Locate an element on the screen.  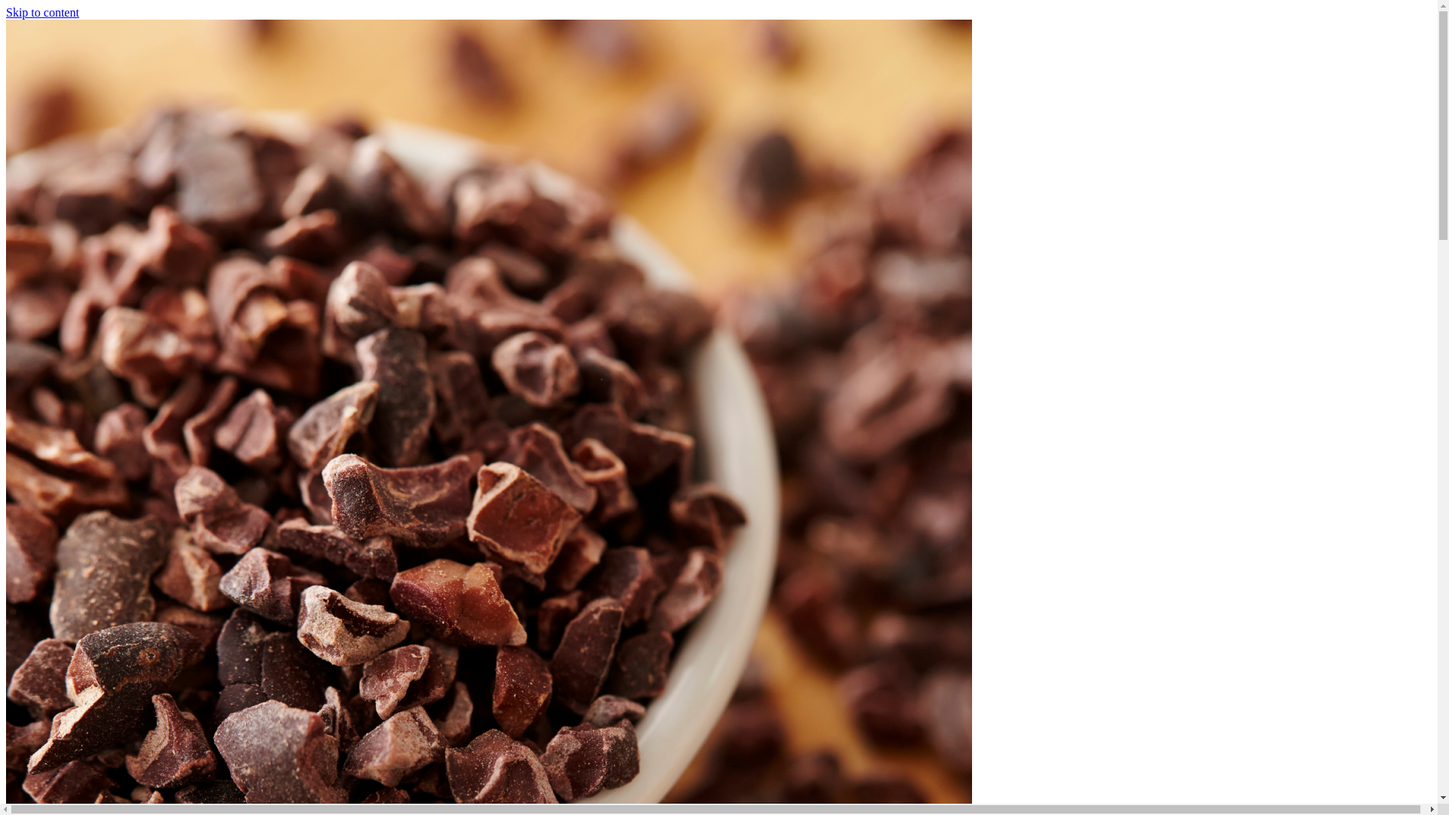
'Skip to content' is located at coordinates (42, 12).